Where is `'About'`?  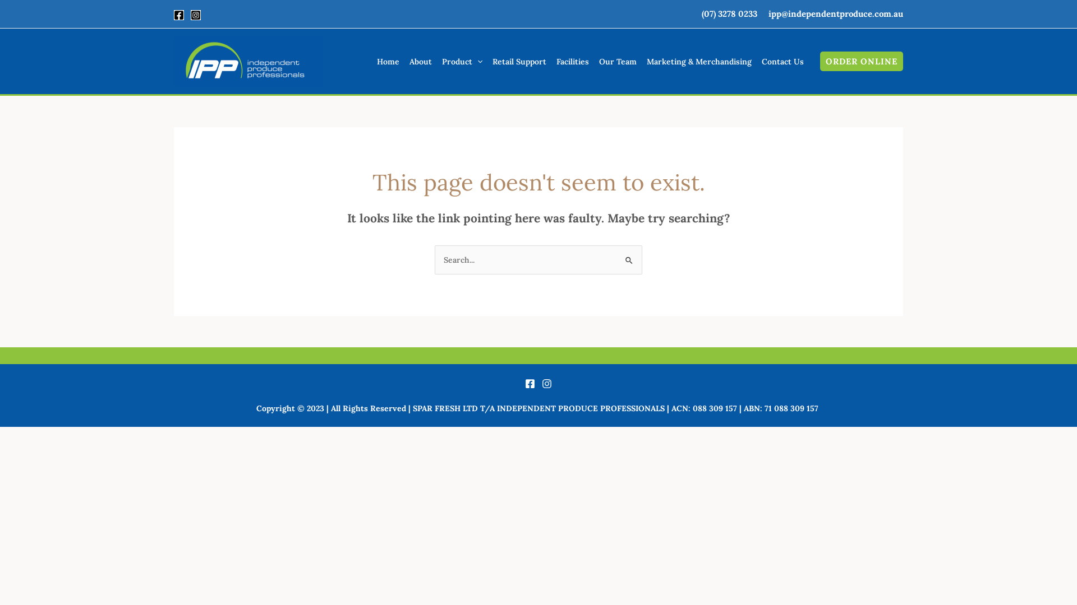 'About' is located at coordinates (420, 62).